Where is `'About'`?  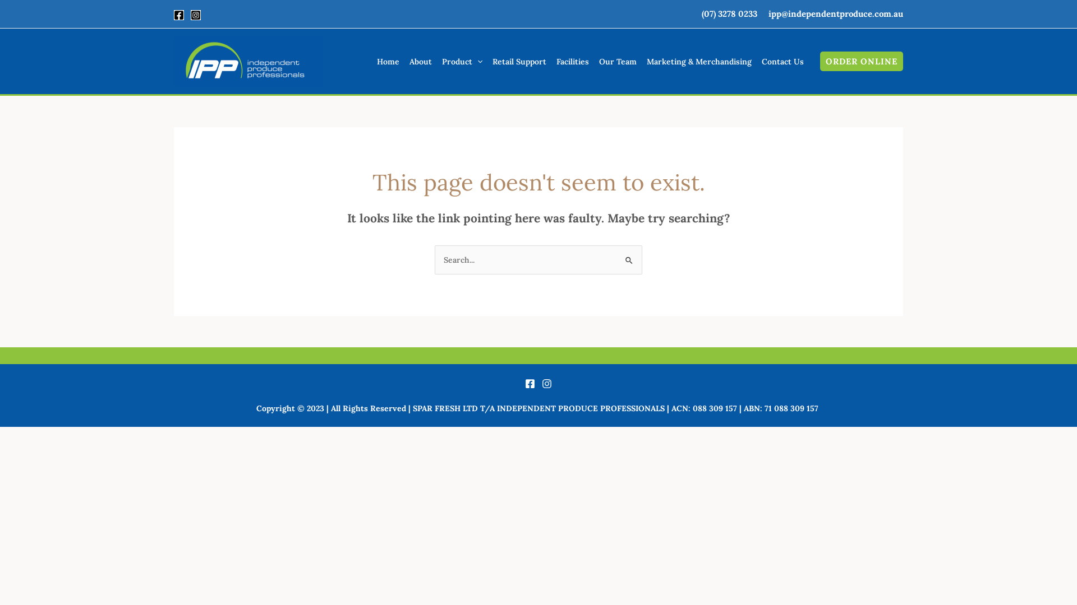 'About' is located at coordinates (420, 62).